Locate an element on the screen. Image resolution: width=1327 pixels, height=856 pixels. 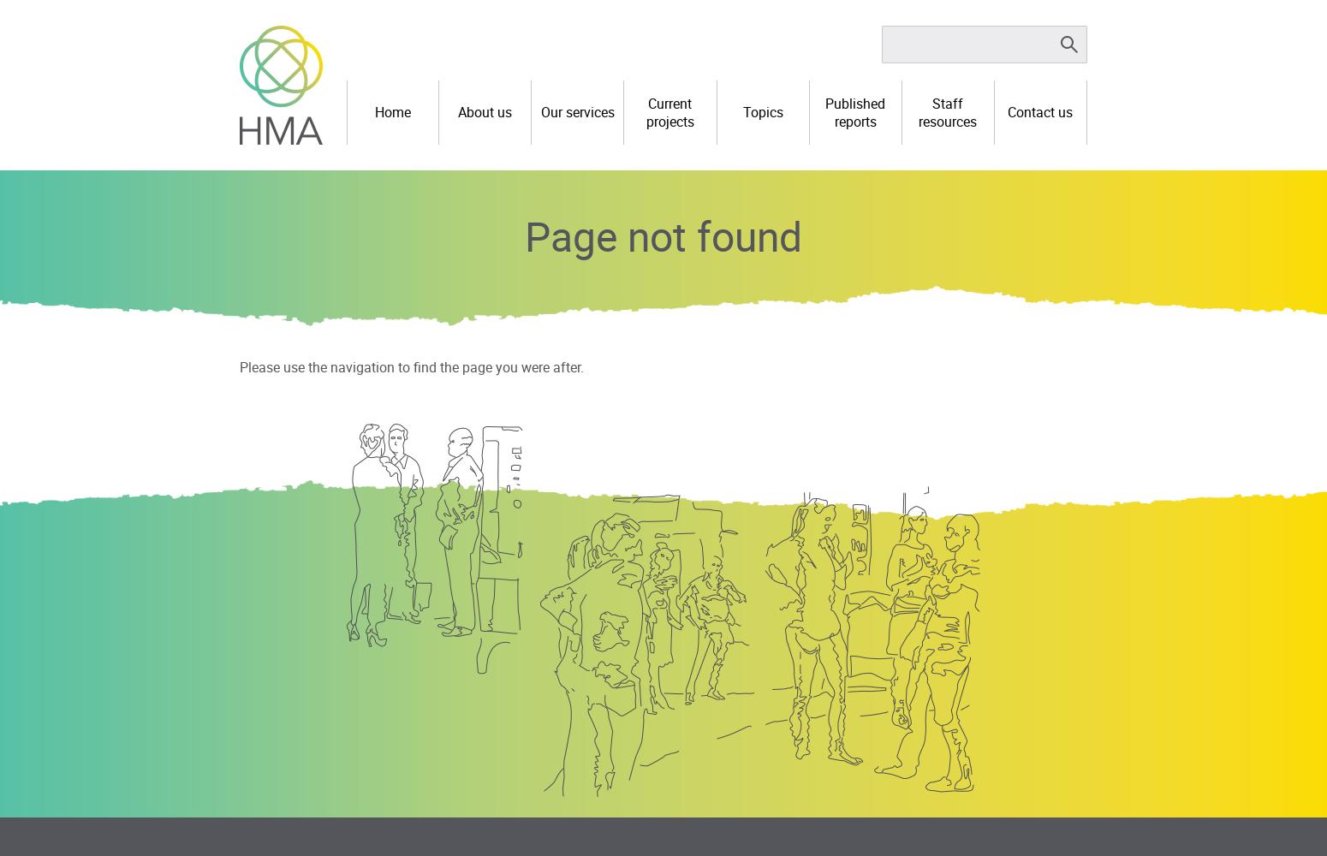
'Contact us' is located at coordinates (1040, 112).